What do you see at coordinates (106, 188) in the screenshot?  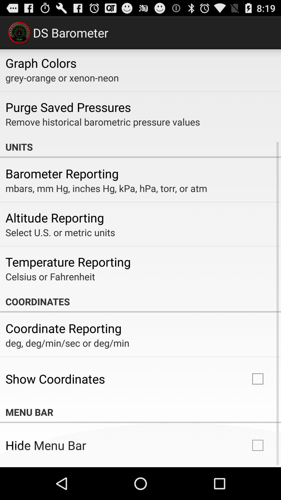 I see `the icon above altitude reporting` at bounding box center [106, 188].